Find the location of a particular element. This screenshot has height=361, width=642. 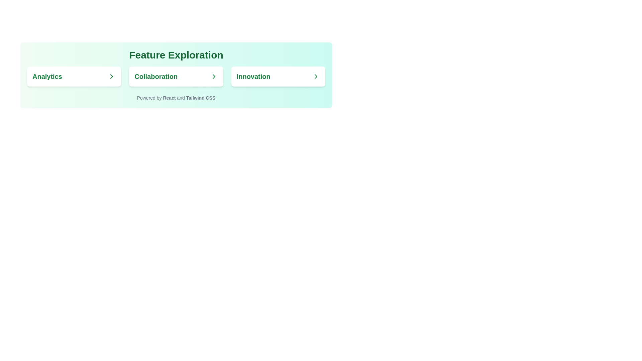

the text label 'Collaboration' styled in bold, extra-large green font, which is positioned in the middle of the feature list between 'Analytics' and 'Innovation' is located at coordinates (176, 76).